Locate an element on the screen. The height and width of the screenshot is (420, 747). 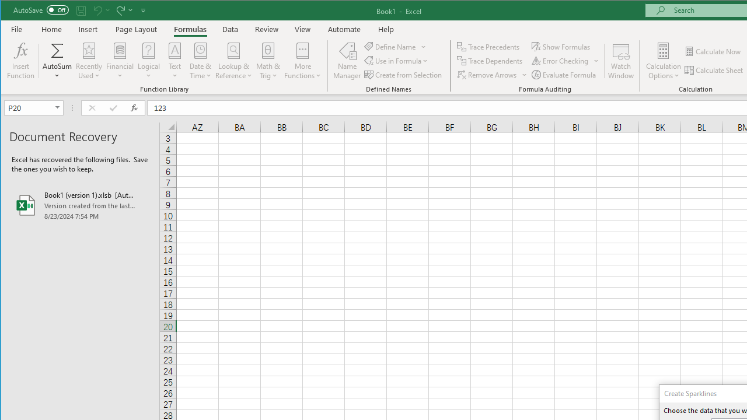
'Insert Function...' is located at coordinates (20, 61).